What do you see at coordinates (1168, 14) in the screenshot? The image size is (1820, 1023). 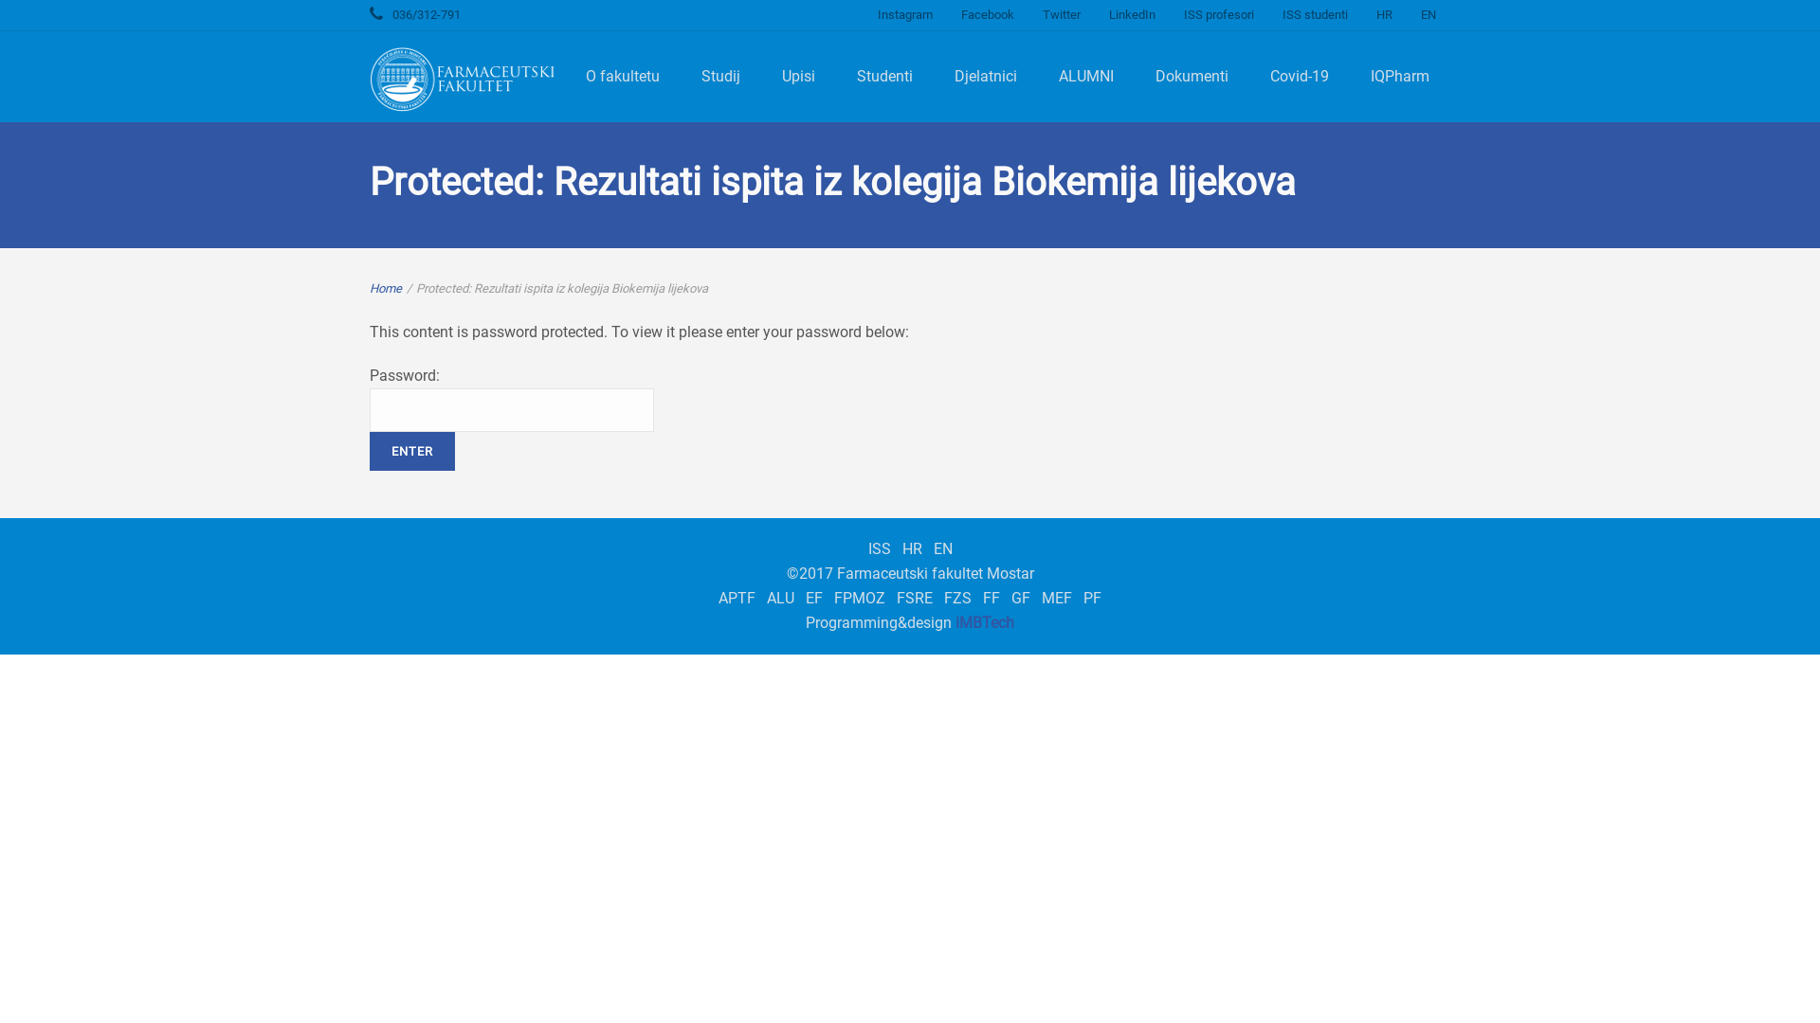 I see `'ISS profesori'` at bounding box center [1168, 14].